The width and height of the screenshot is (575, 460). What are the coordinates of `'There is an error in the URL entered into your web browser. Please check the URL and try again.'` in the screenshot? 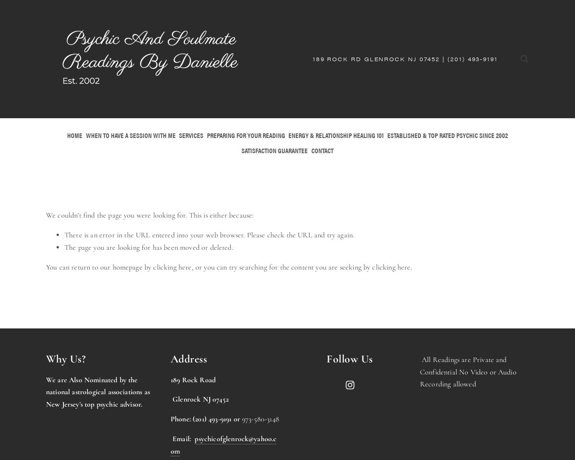 It's located at (209, 235).